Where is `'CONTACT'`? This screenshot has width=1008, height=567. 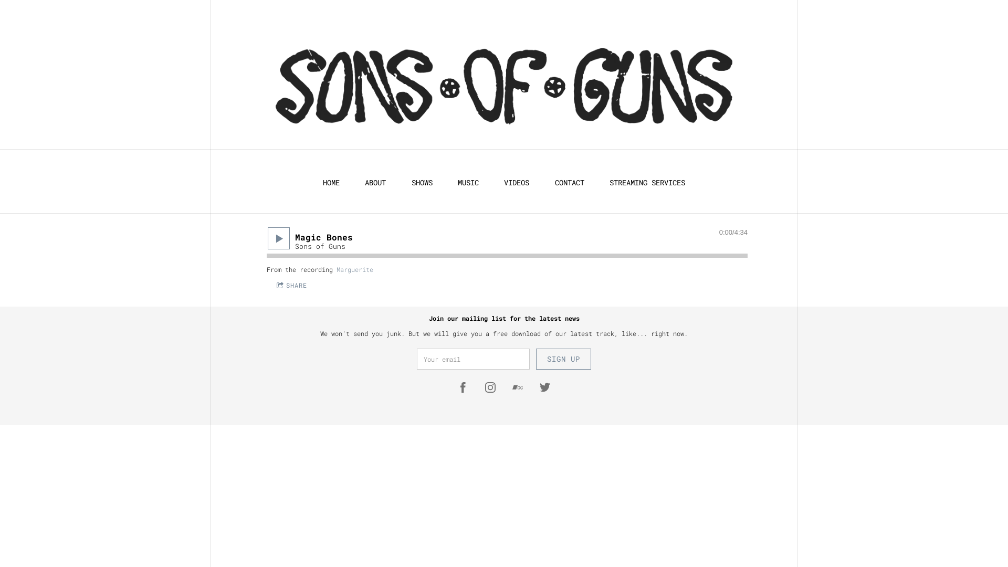
'CONTACT' is located at coordinates (569, 182).